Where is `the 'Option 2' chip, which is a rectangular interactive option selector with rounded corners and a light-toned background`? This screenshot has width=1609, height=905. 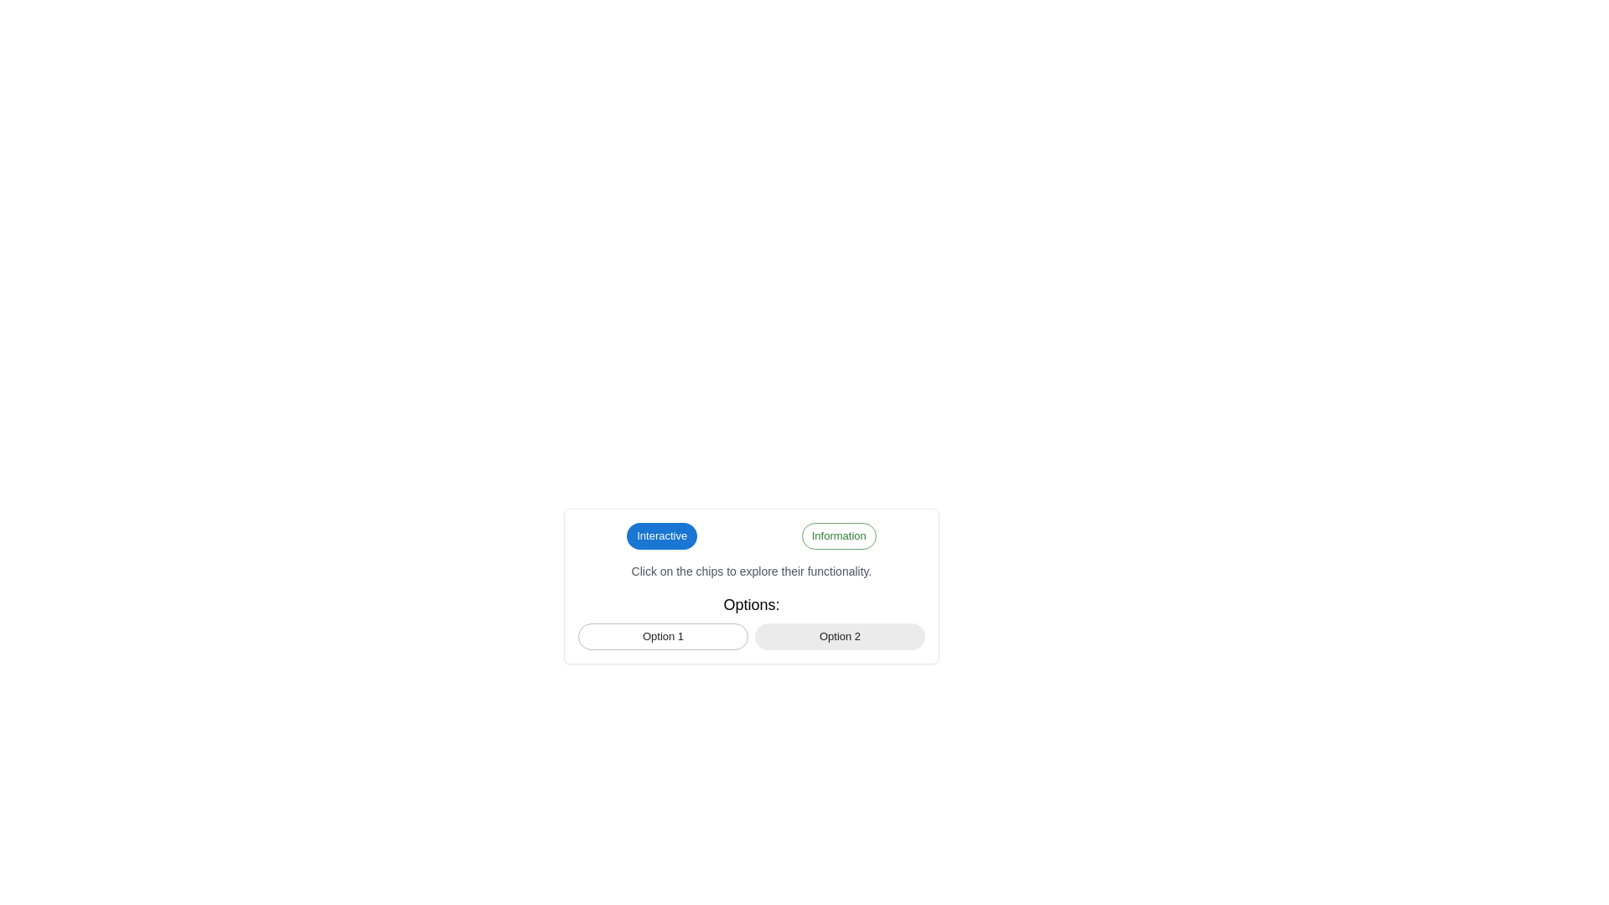
the 'Option 2' chip, which is a rectangular interactive option selector with rounded corners and a light-toned background is located at coordinates (840, 636).